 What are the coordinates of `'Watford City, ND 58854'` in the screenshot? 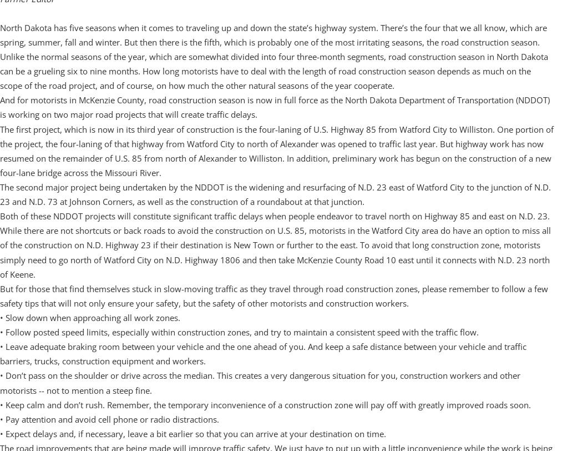 It's located at (8, 8).